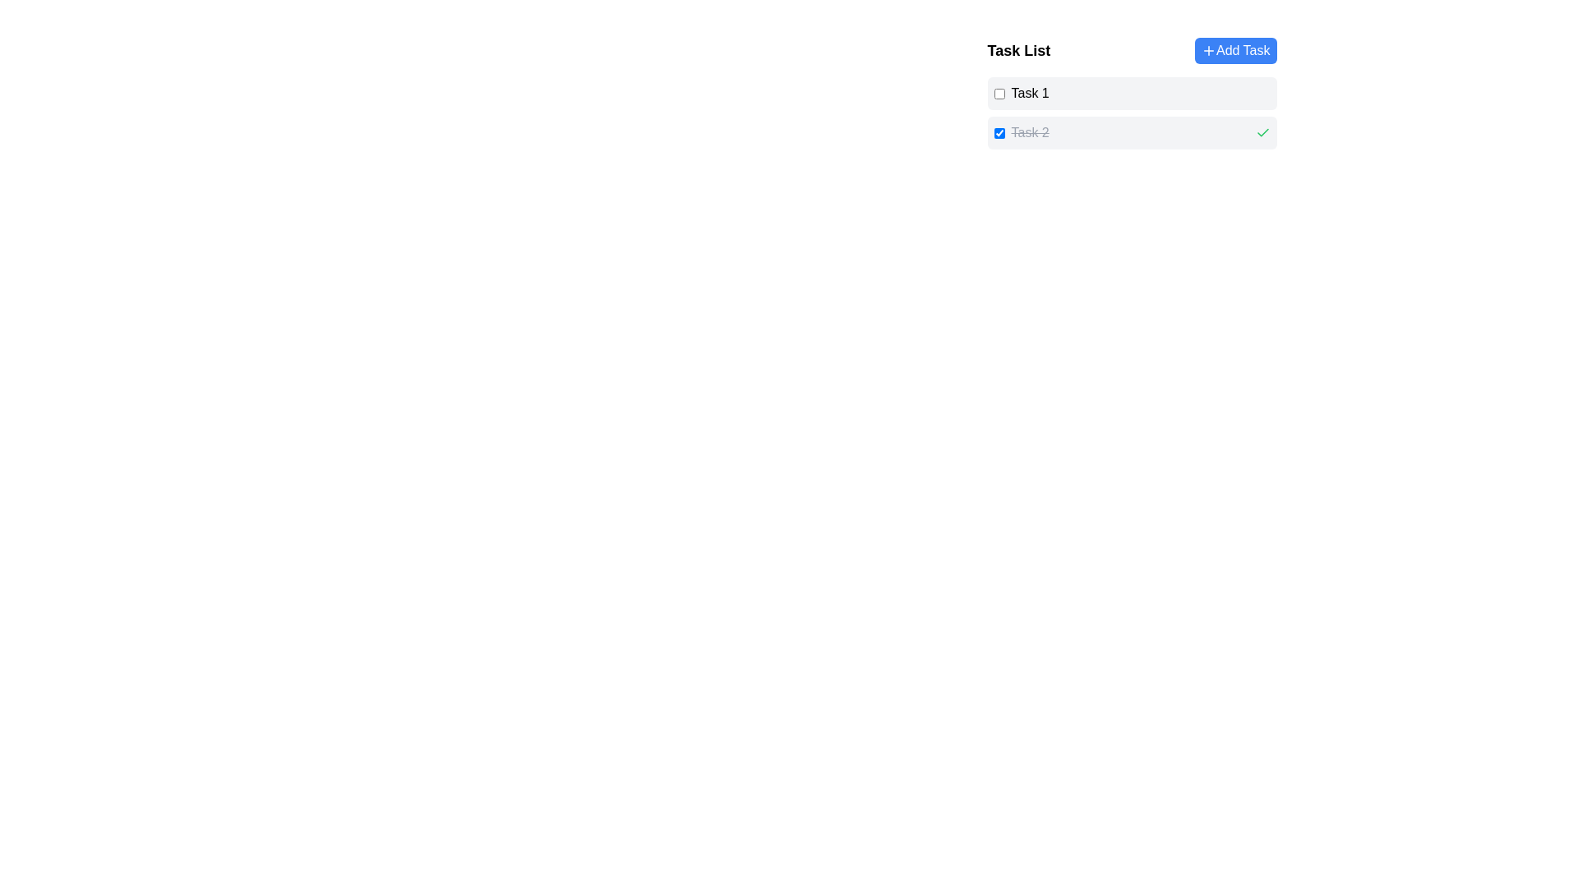 The width and height of the screenshot is (1578, 887). I want to click on text element displaying 'Task 1' located next to an unchecked checkbox in the task list interface, so click(1029, 94).